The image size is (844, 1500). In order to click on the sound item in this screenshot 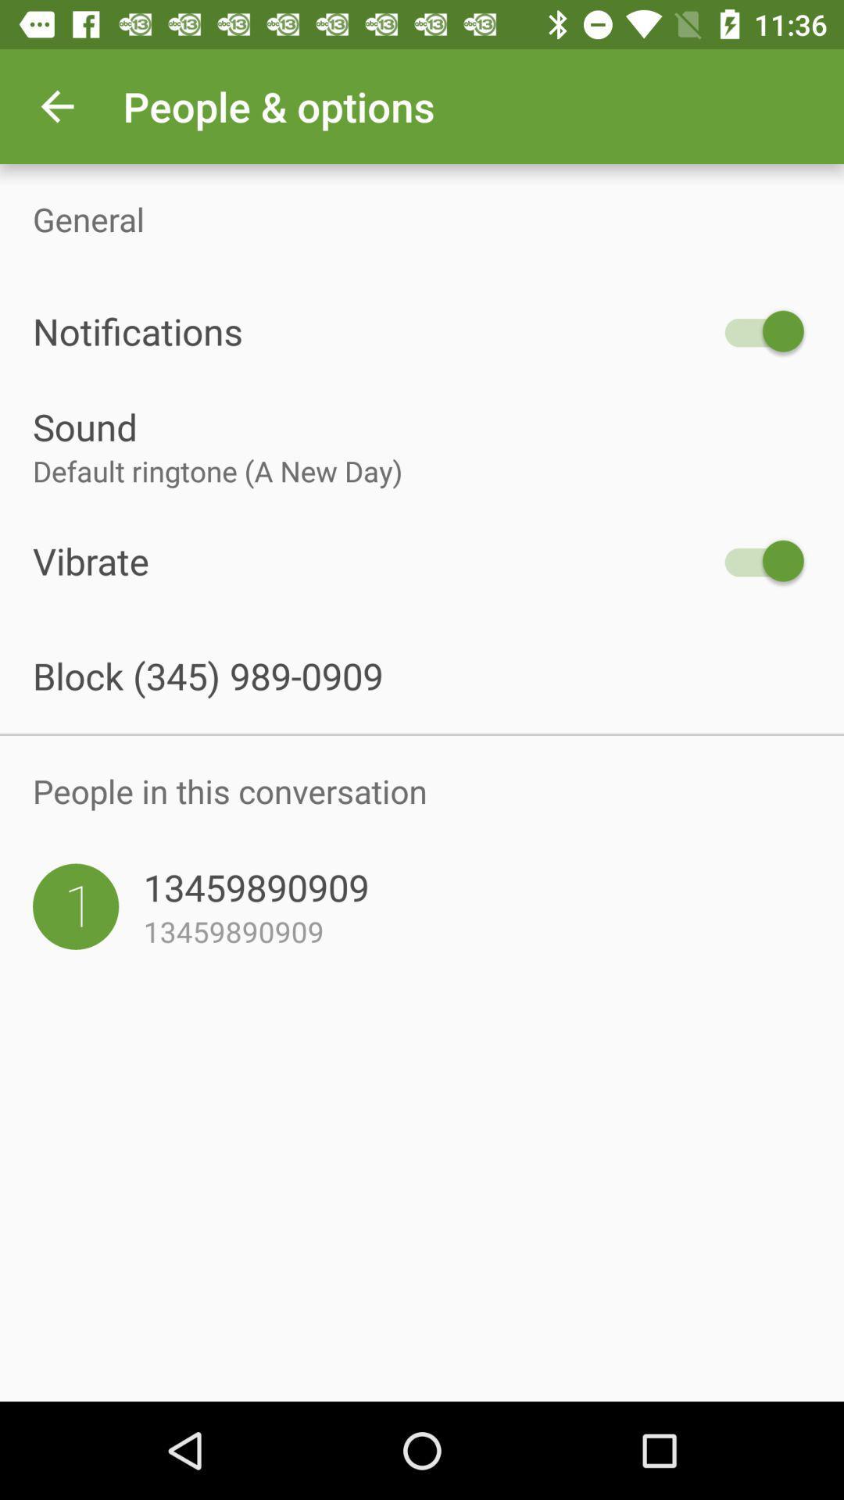, I will do `click(422, 427)`.